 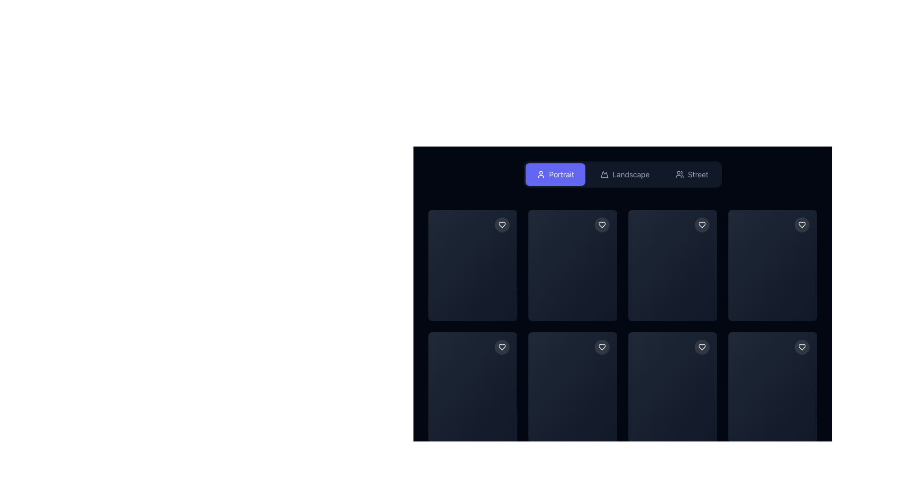 I want to click on the 'Portrait' button icon located at the left side of the text to visually indicate its purpose, so click(x=541, y=175).